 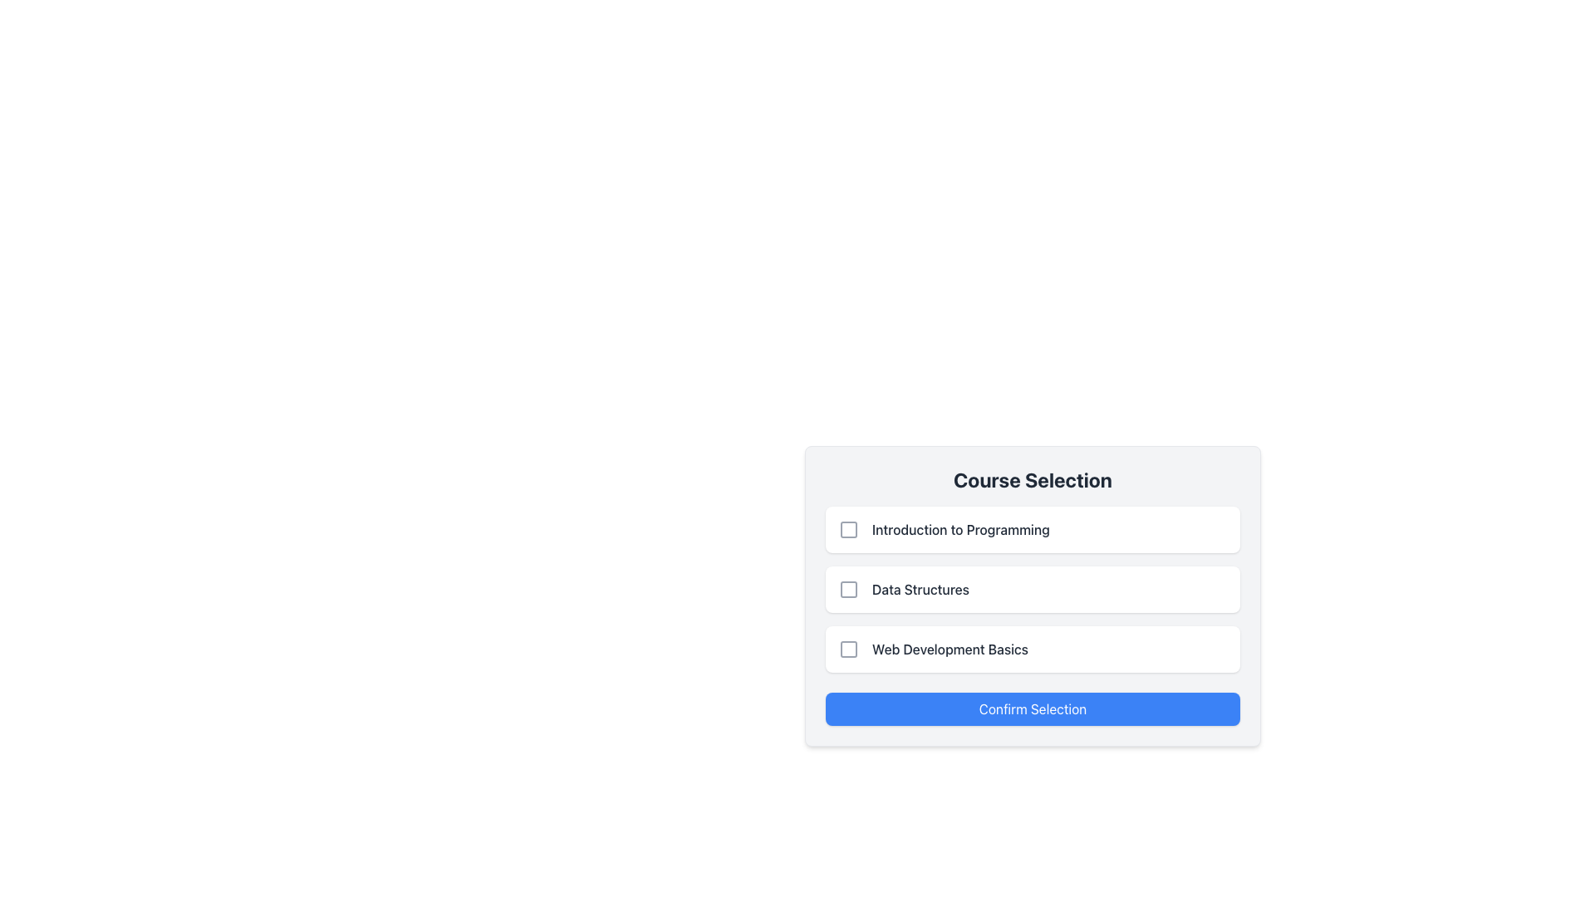 What do you see at coordinates (849, 649) in the screenshot?
I see `the checkbox associated with the 'Web Development Basics' entry in the list` at bounding box center [849, 649].